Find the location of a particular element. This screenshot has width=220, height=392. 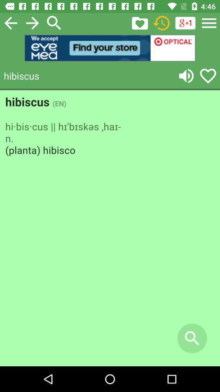

the menu icon is located at coordinates (209, 22).